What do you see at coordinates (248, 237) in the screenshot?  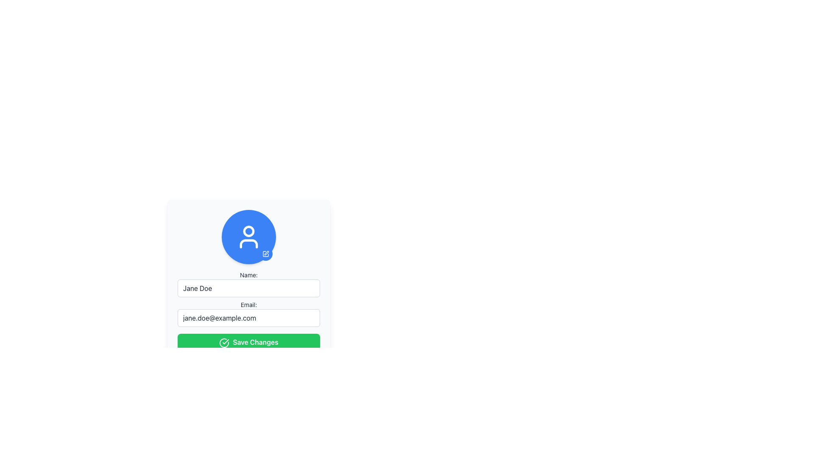 I see `the circular blue avatar icon with a white user silhouette` at bounding box center [248, 237].